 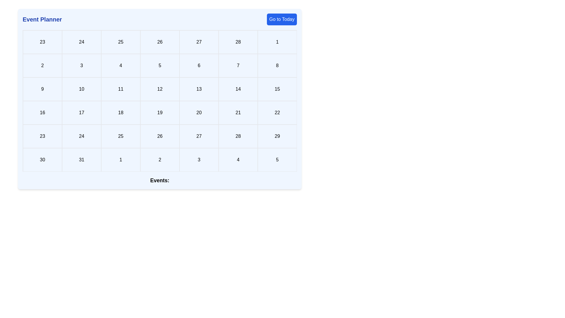 I want to click on the square-shaped button with a light blue background containing the text '2', so click(x=42, y=66).